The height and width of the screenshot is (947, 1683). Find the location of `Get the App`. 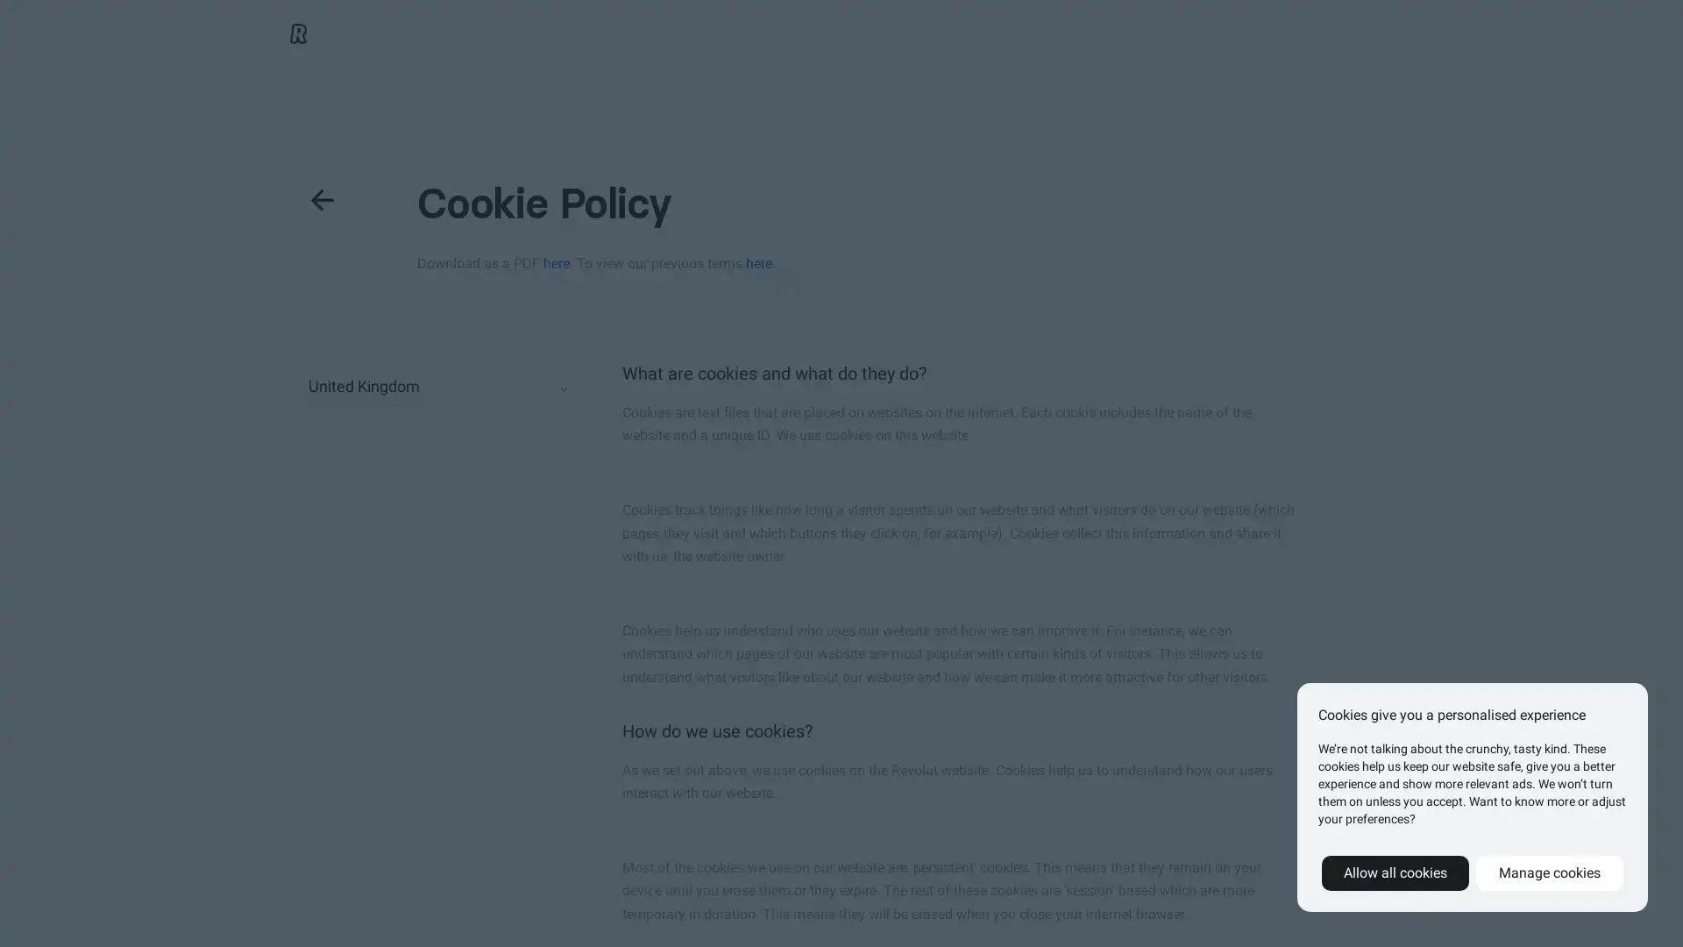

Get the App is located at coordinates (1345, 31).